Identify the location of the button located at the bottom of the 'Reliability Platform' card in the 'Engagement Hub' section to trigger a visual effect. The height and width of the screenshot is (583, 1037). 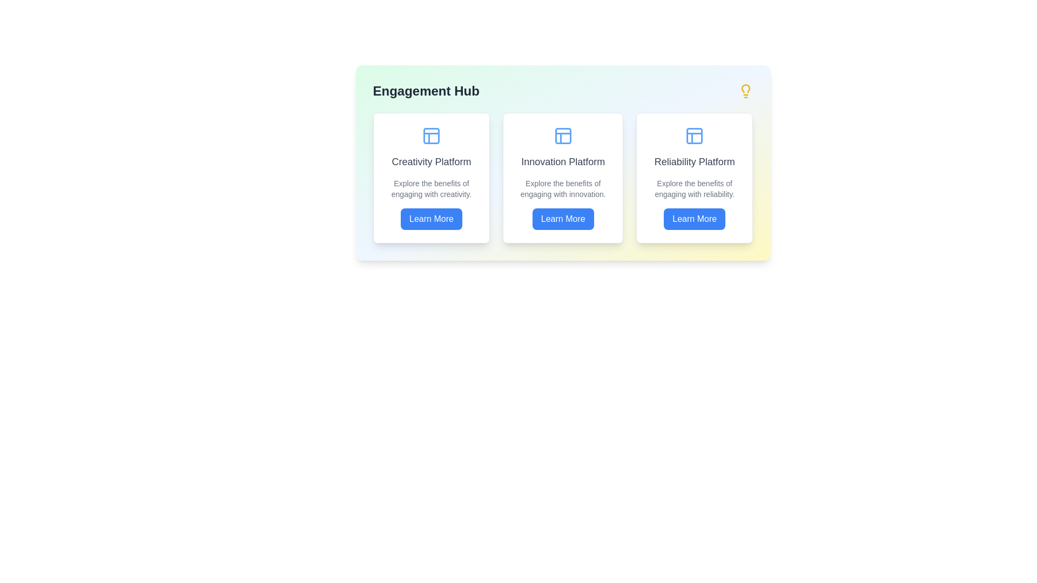
(695, 219).